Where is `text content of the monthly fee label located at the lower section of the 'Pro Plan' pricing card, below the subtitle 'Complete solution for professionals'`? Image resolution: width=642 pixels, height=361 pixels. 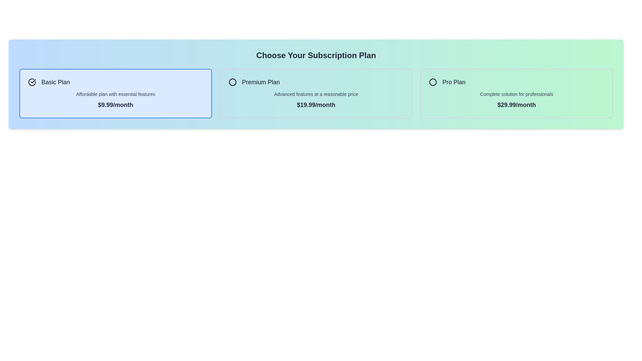
text content of the monthly fee label located at the lower section of the 'Pro Plan' pricing card, below the subtitle 'Complete solution for professionals' is located at coordinates (516, 105).